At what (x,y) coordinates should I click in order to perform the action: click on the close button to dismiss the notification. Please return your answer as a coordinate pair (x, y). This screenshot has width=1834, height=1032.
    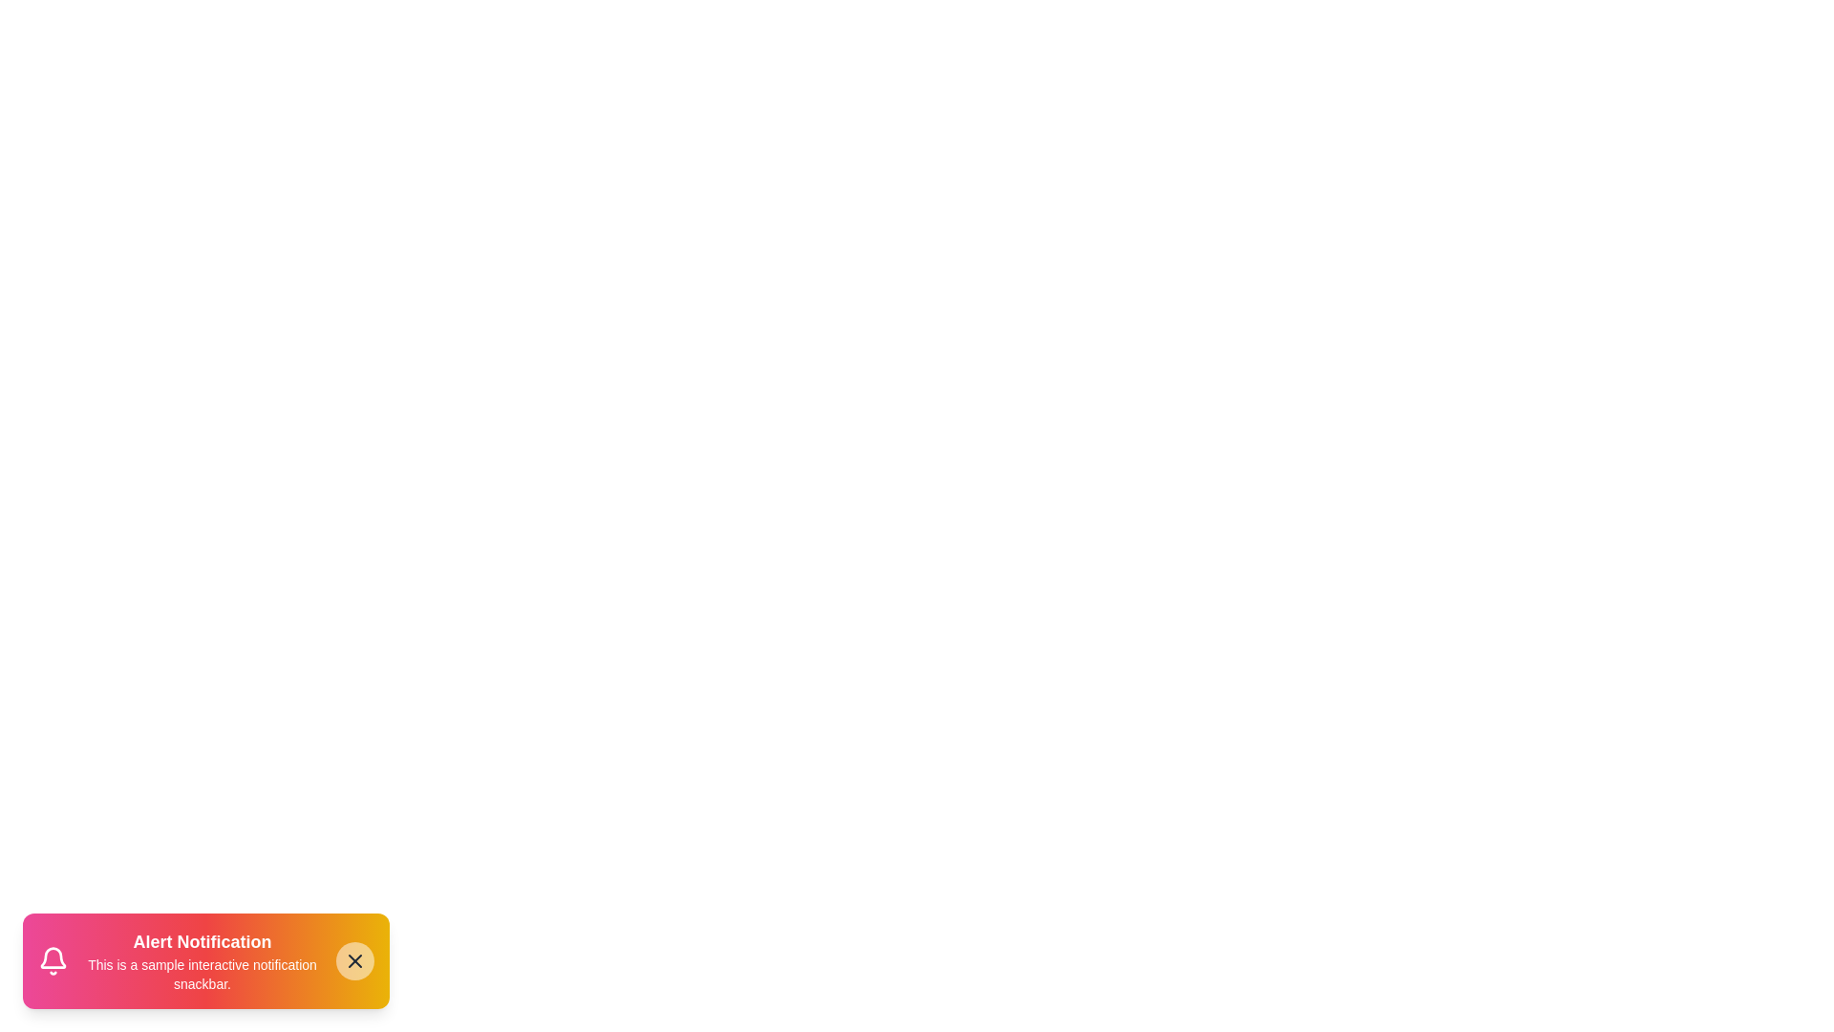
    Looking at the image, I should click on (355, 961).